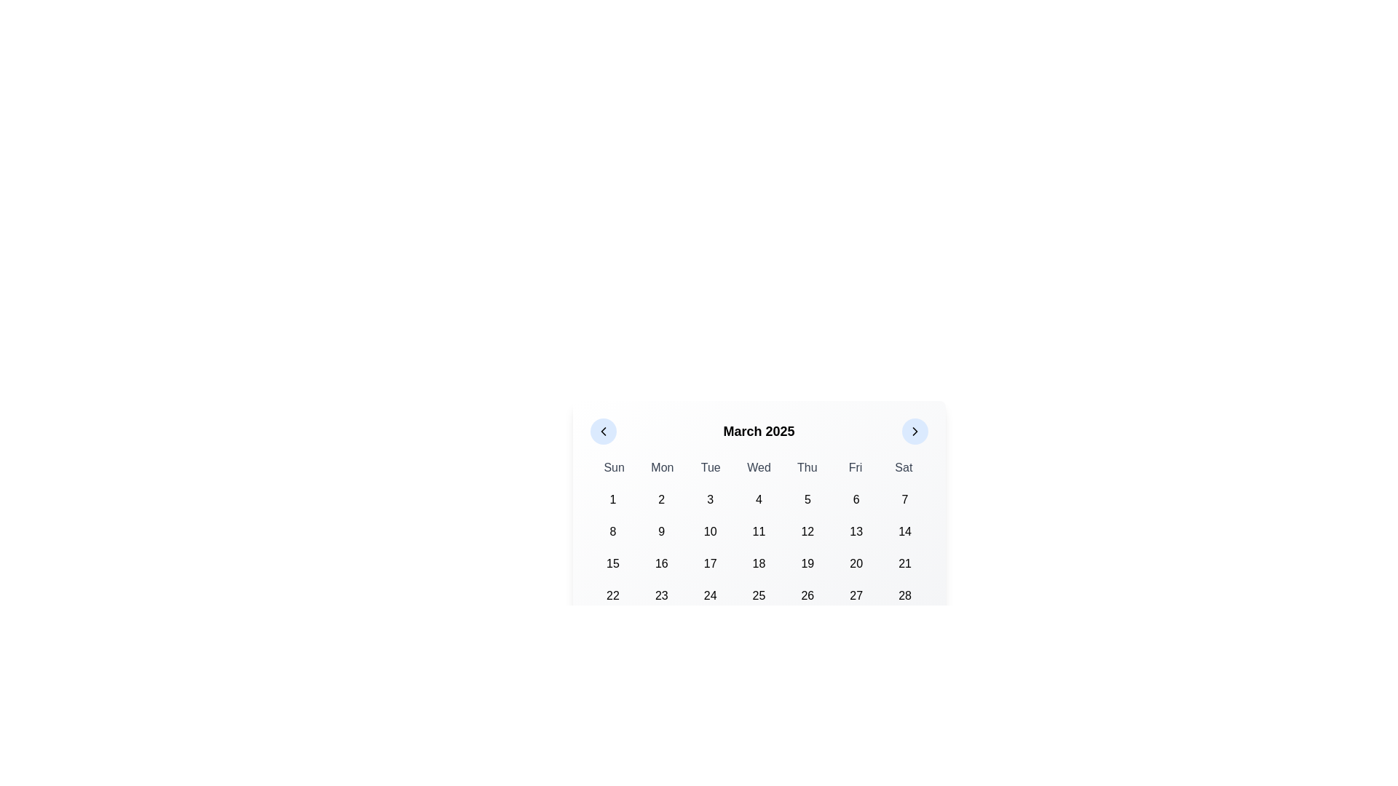 The width and height of the screenshot is (1398, 786). What do you see at coordinates (758, 531) in the screenshot?
I see `the calendar date in the March 2025 calendar interface` at bounding box center [758, 531].